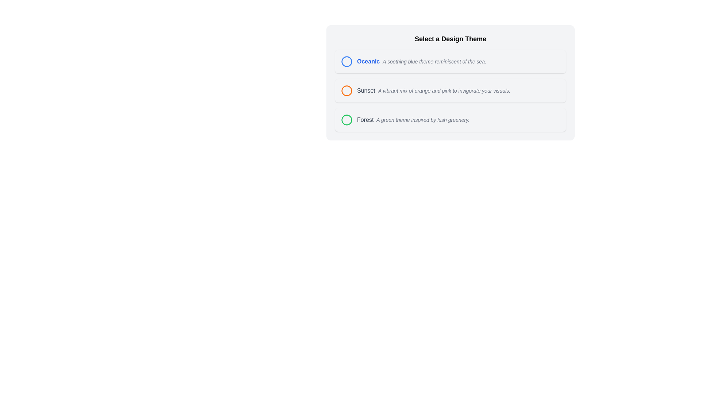 This screenshot has height=394, width=701. I want to click on the blue circular graphical element that is the center part of the outlined circular icon in the 'Select a Design Theme' section labeled 'Oceanic', so click(346, 61).